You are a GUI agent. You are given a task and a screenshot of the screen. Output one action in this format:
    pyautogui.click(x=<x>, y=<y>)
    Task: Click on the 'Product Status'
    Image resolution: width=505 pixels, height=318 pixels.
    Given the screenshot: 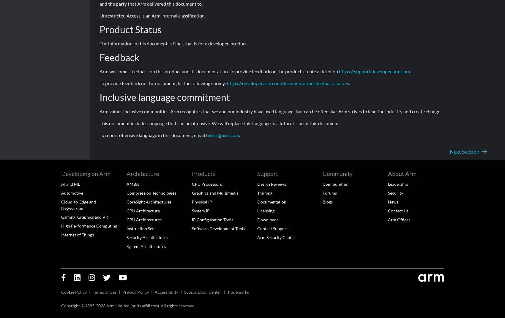 What is the action you would take?
    pyautogui.click(x=130, y=29)
    